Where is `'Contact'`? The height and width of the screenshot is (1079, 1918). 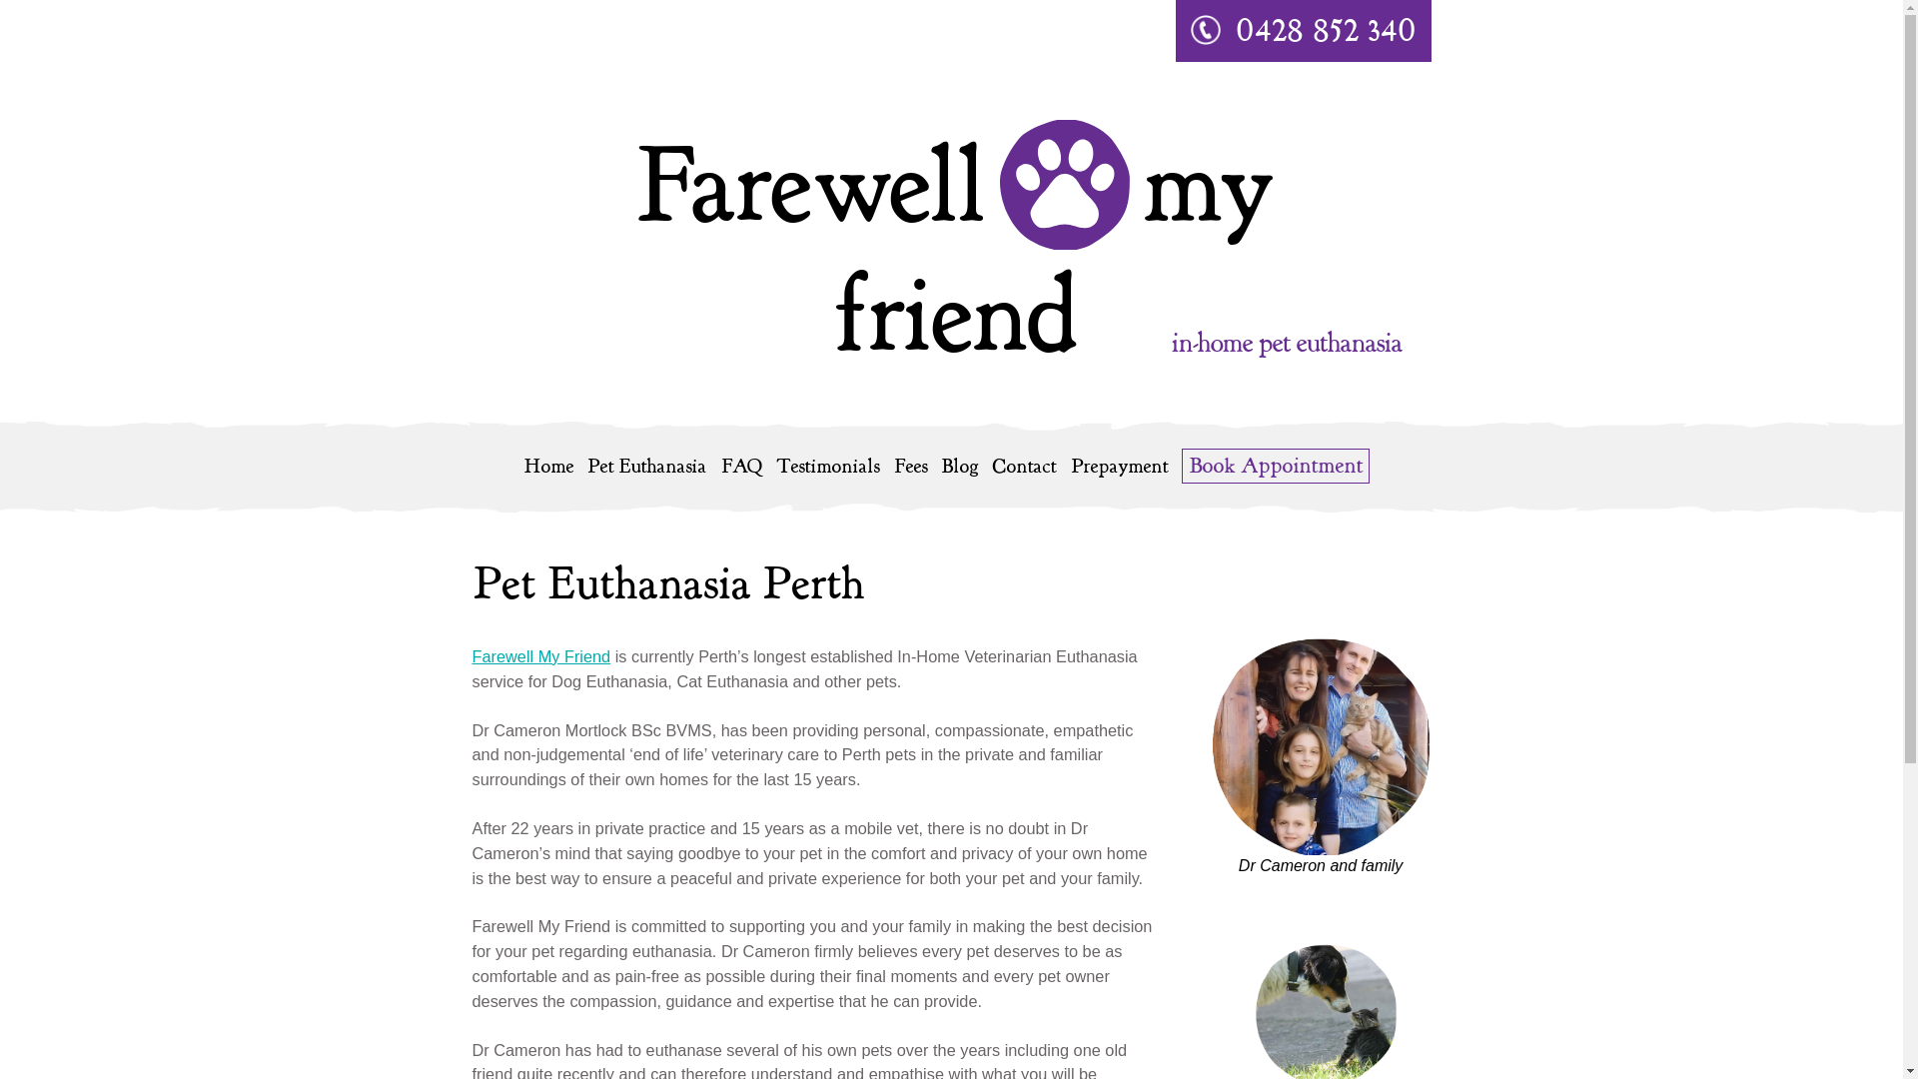 'Contact' is located at coordinates (1024, 467).